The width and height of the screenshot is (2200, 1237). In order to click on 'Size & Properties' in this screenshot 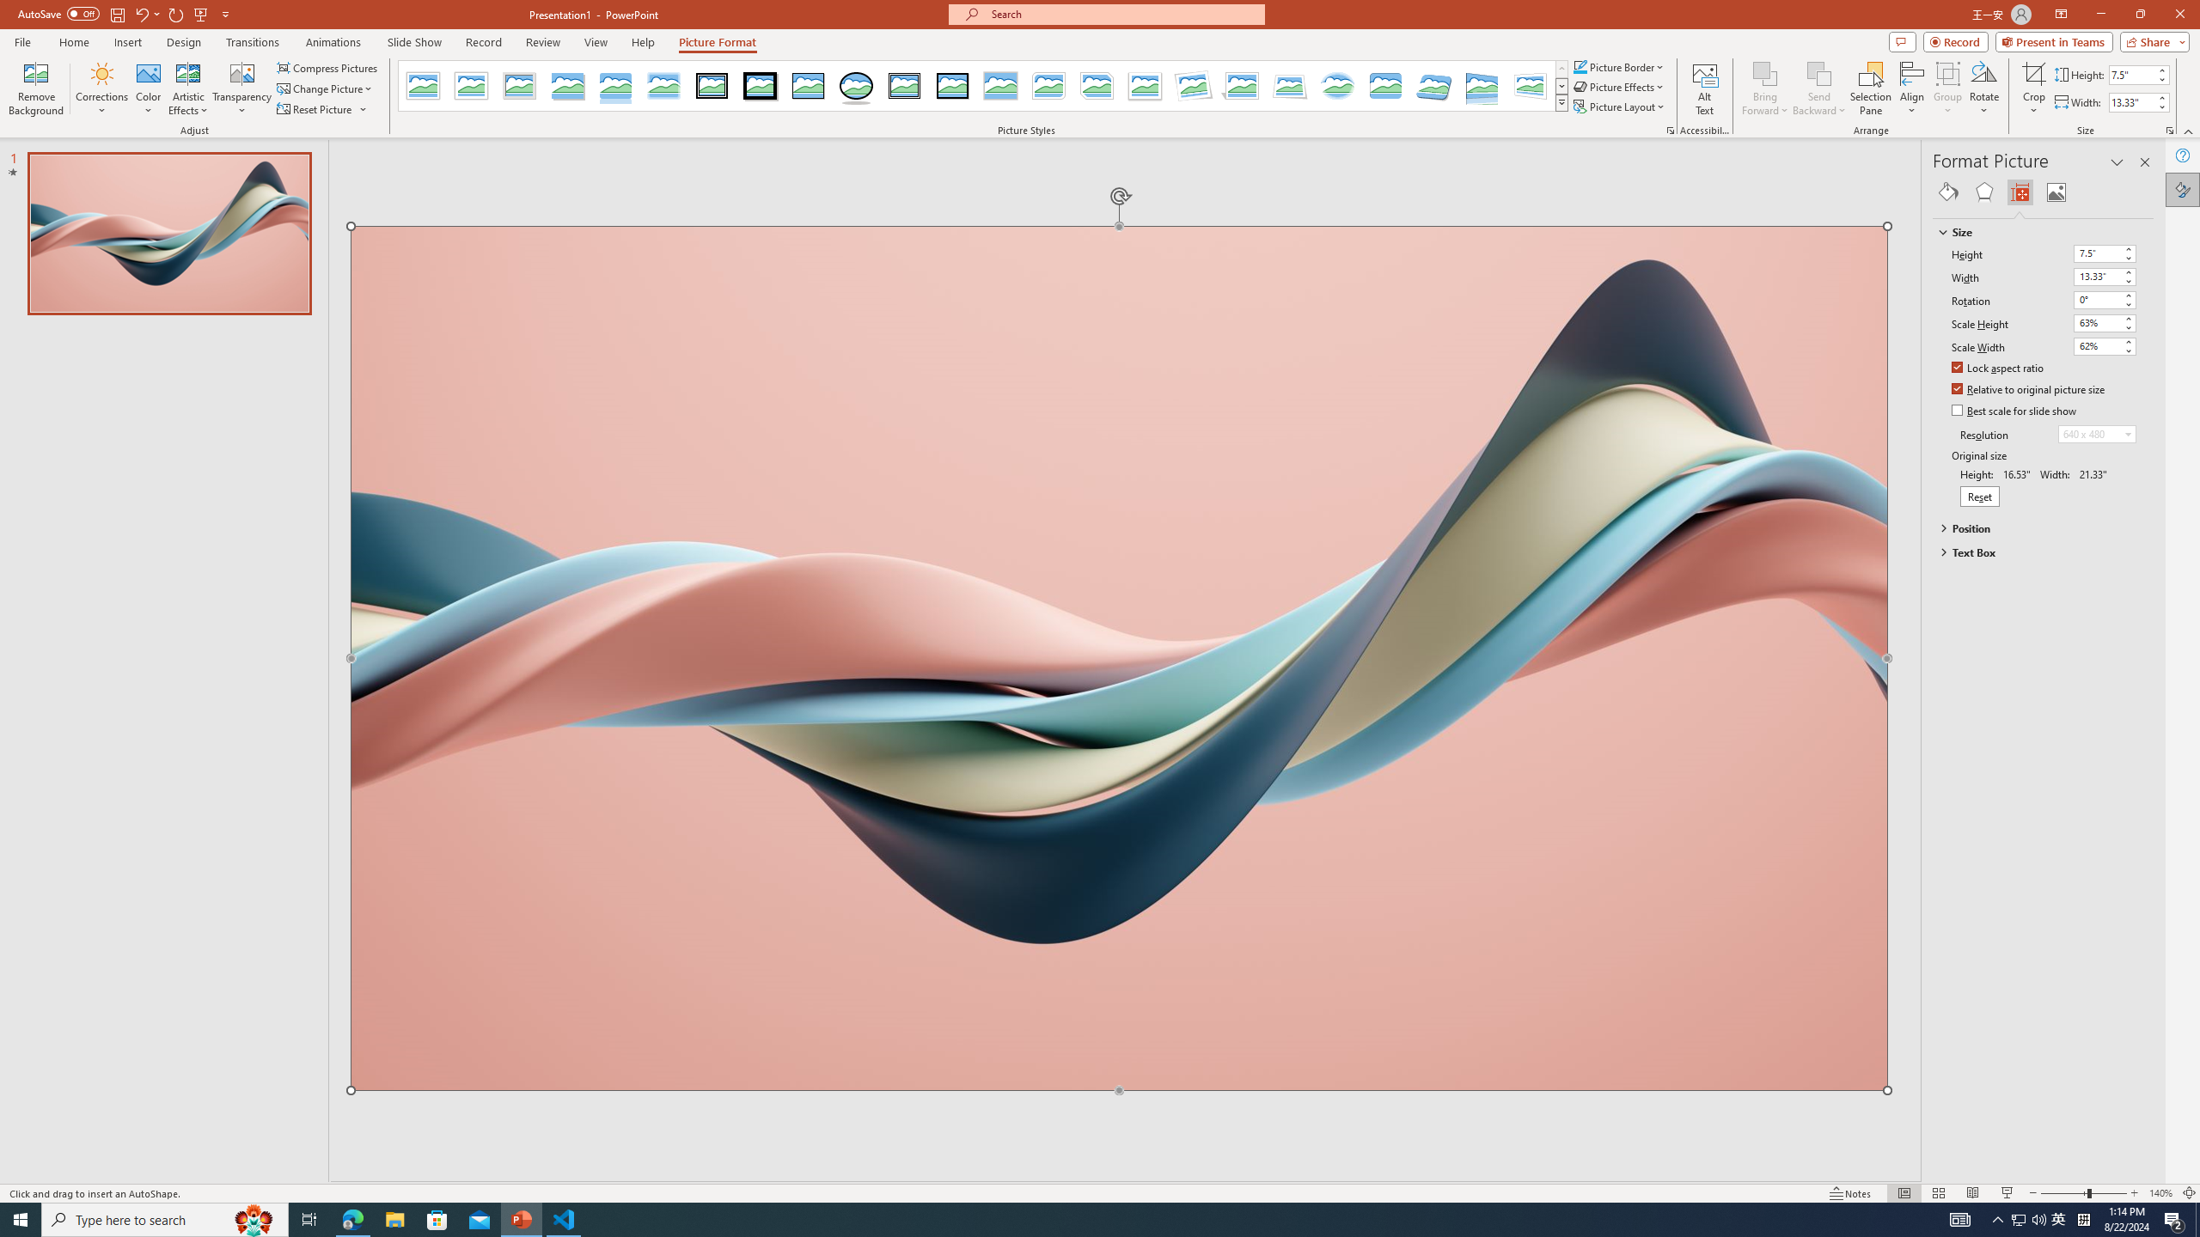, I will do `click(2020, 191)`.